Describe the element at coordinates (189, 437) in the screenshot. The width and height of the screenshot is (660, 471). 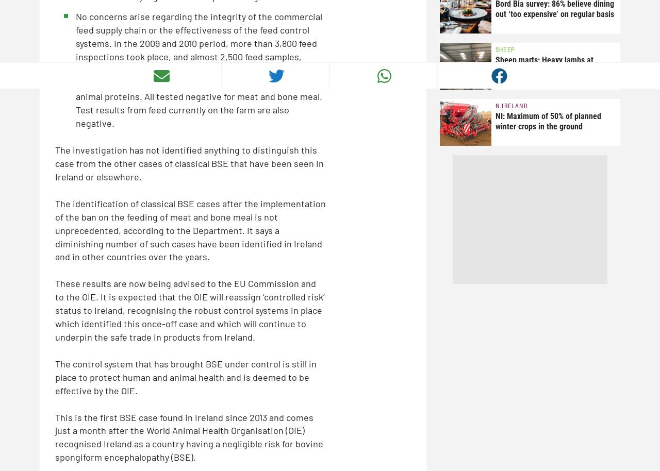
I see `'This is the first BSE case found in Ireland since 2013 and comes just a month after the World Animal Health Organisation (OIE) recognised Ireland as a country having a negligible risk for bovine spongiform encephalopathy (BSE).'` at that location.